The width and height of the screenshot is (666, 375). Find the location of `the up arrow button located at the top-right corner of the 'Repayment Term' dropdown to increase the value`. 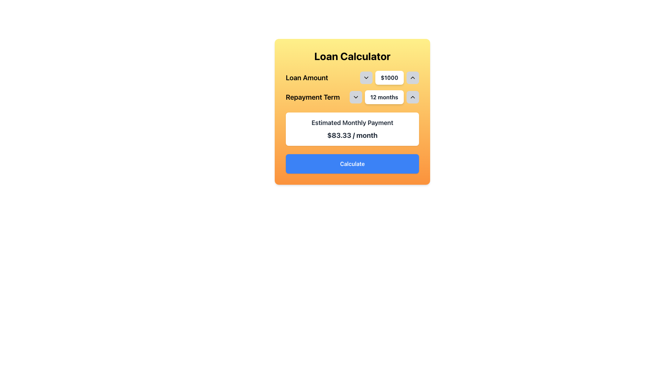

the up arrow button located at the top-right corner of the 'Repayment Term' dropdown to increase the value is located at coordinates (413, 97).